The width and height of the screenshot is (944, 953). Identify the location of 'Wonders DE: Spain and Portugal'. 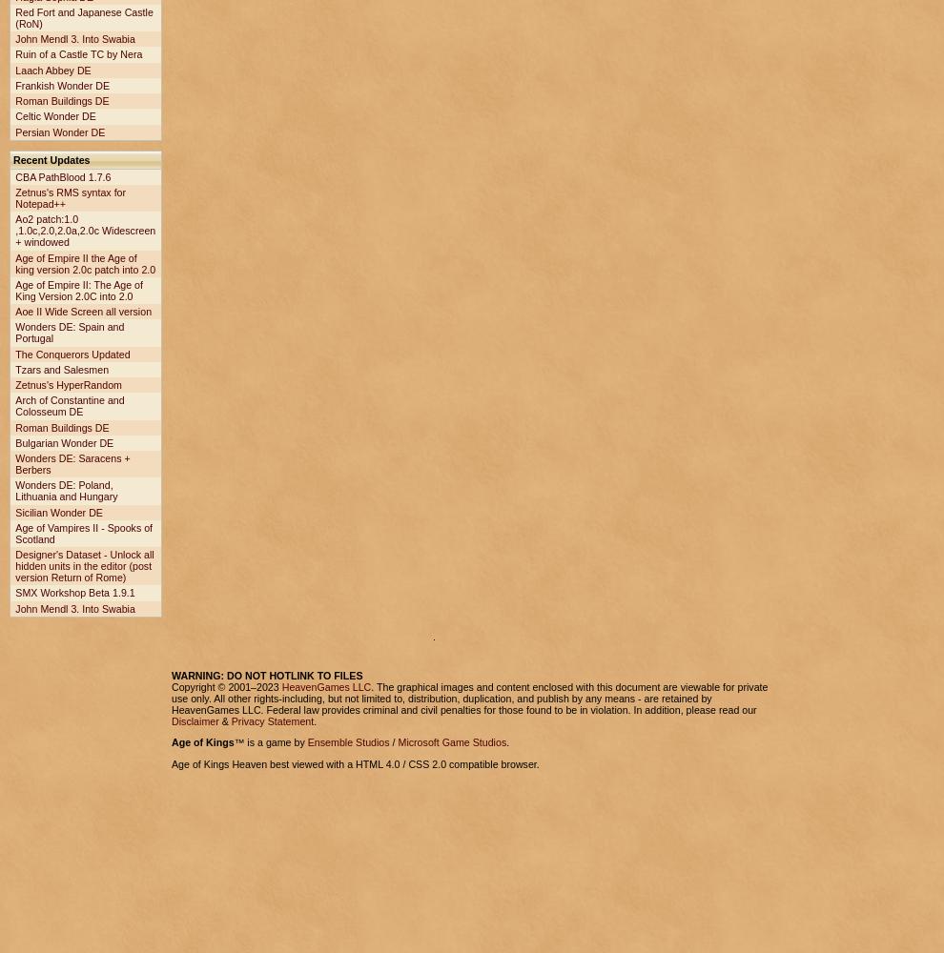
(69, 332).